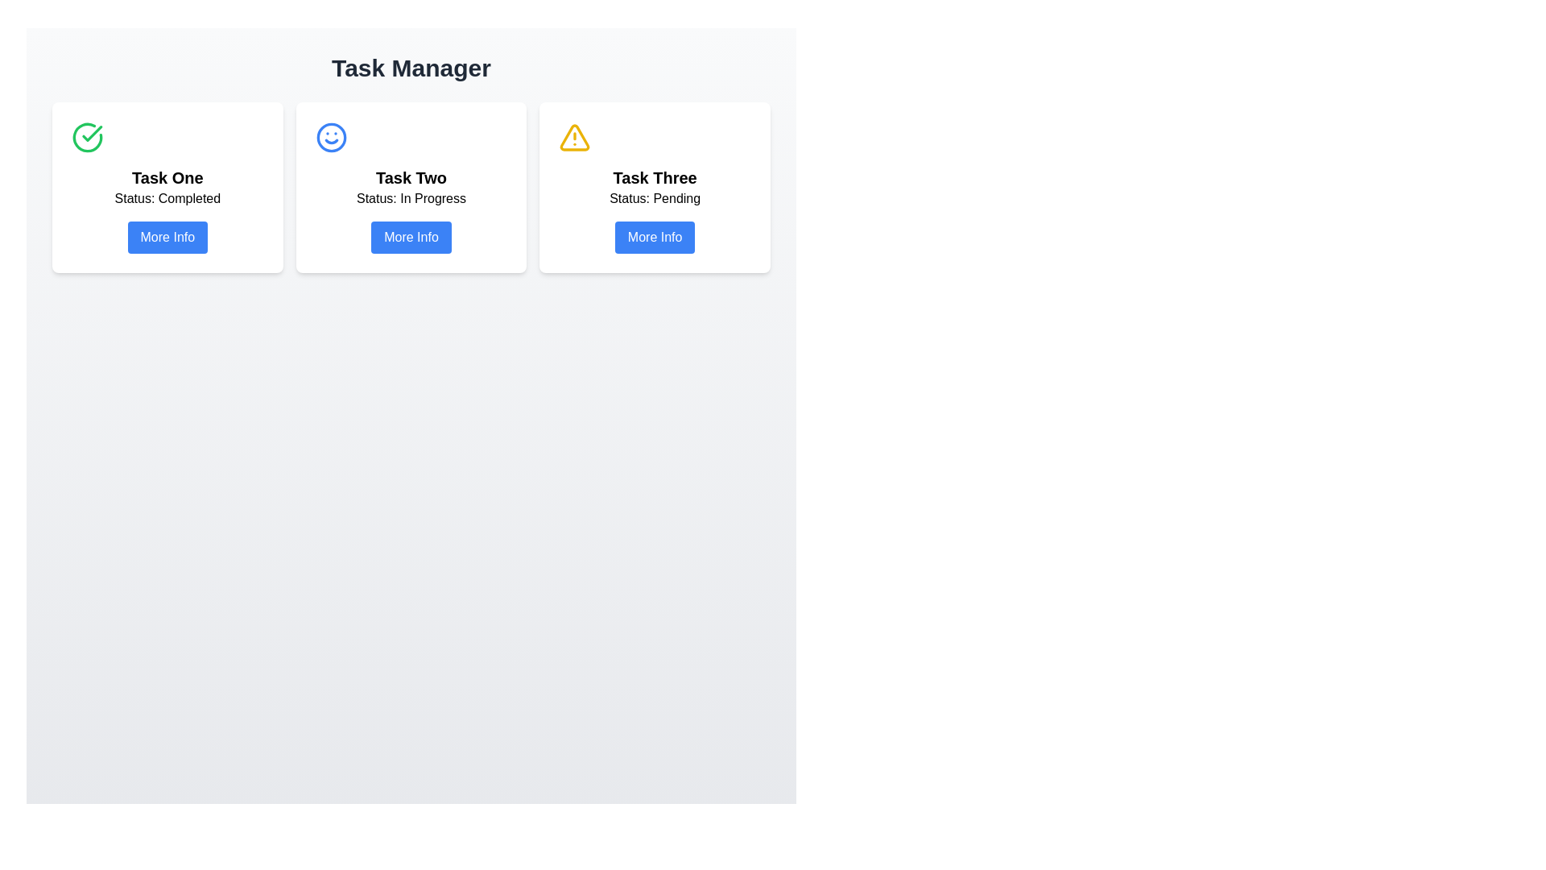 The width and height of the screenshot is (1546, 870). What do you see at coordinates (167, 197) in the screenshot?
I see `the static text label that informs the user about the completion status of 'Task One', positioned below the 'Task One' title and above the 'More Info' button within the first task card` at bounding box center [167, 197].